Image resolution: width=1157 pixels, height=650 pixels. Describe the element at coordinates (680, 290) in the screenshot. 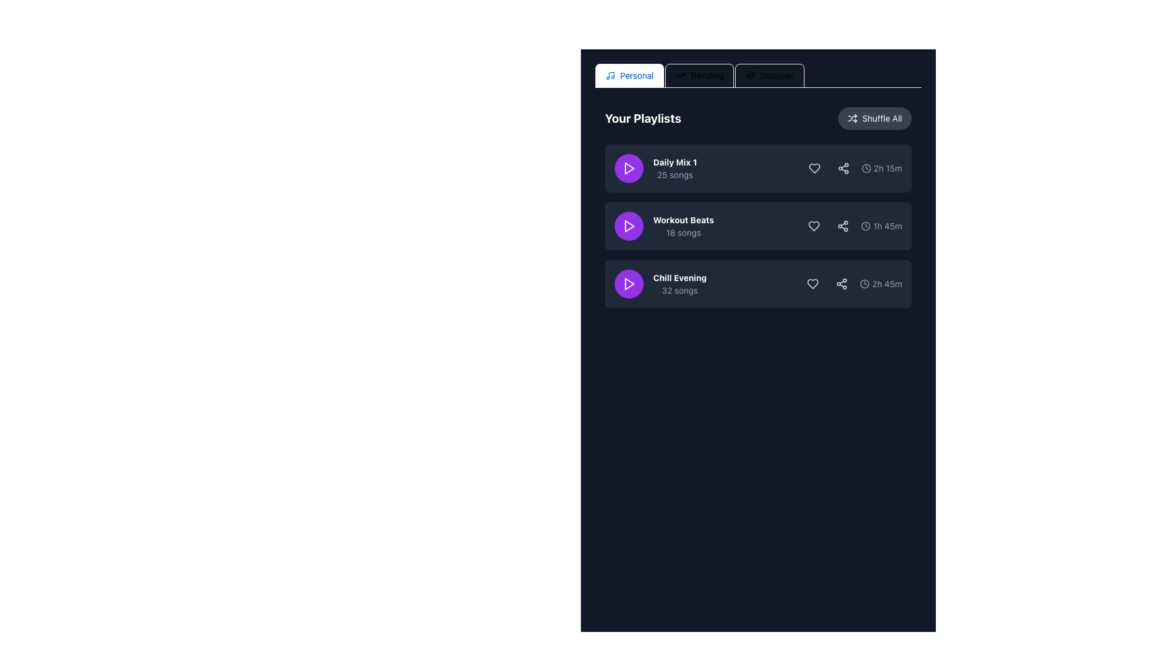

I see `the text label displaying '32 songs' located beneath 'Chill Evening' in the third playlist card` at that location.